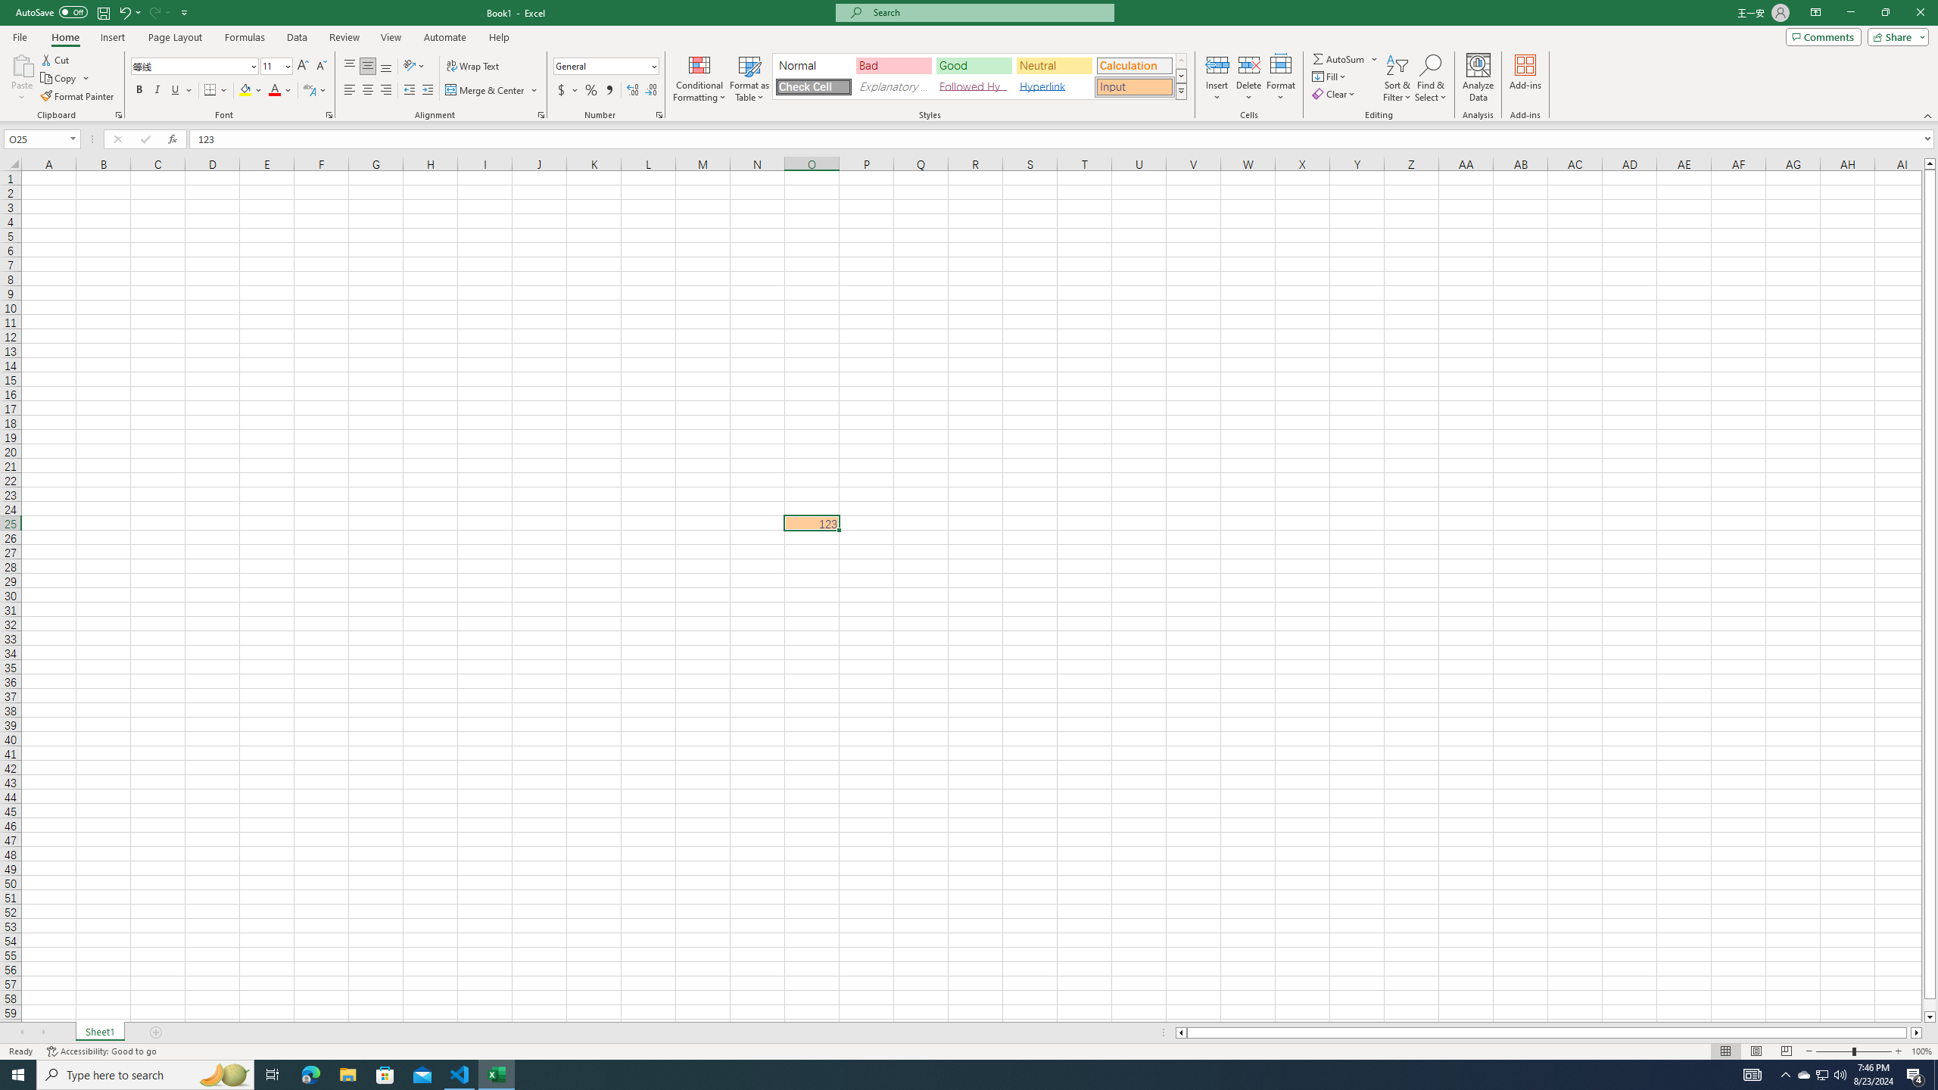 The width and height of the screenshot is (1938, 1090). I want to click on 'Hyperlink', so click(1053, 86).